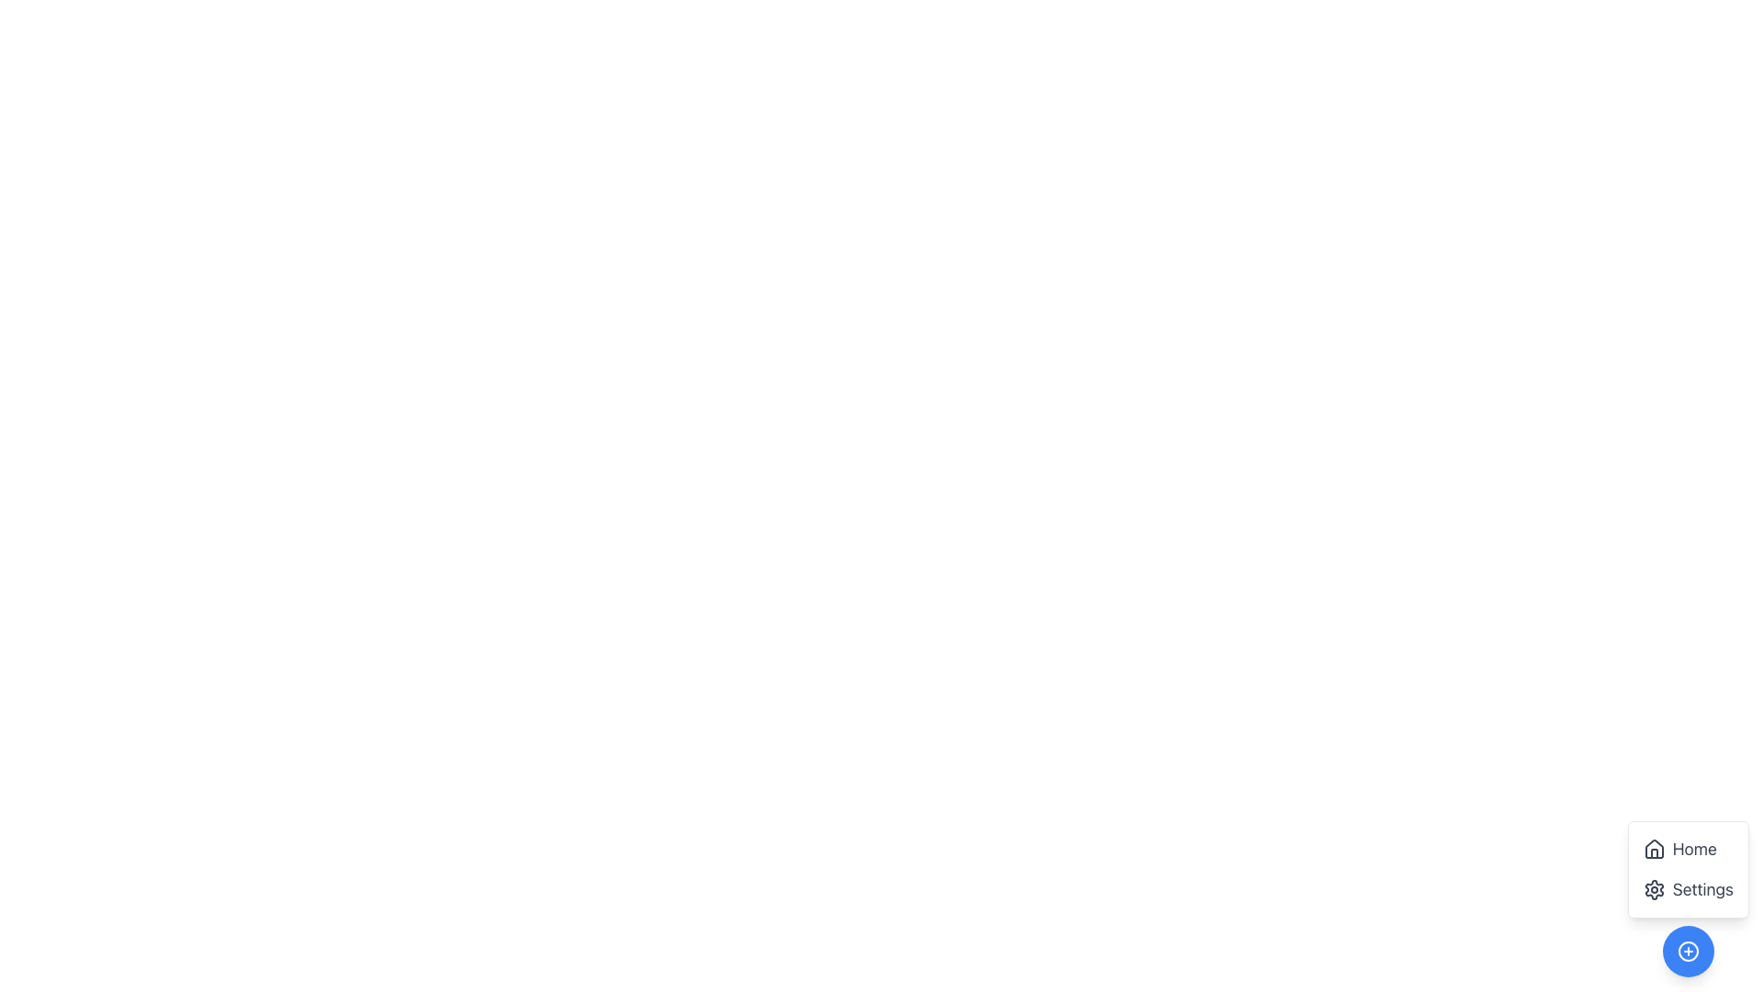 The width and height of the screenshot is (1764, 992). Describe the element at coordinates (1654, 888) in the screenshot. I see `the decorative graphical component of the settings icon located at the bottom-right corner of the application interface` at that location.